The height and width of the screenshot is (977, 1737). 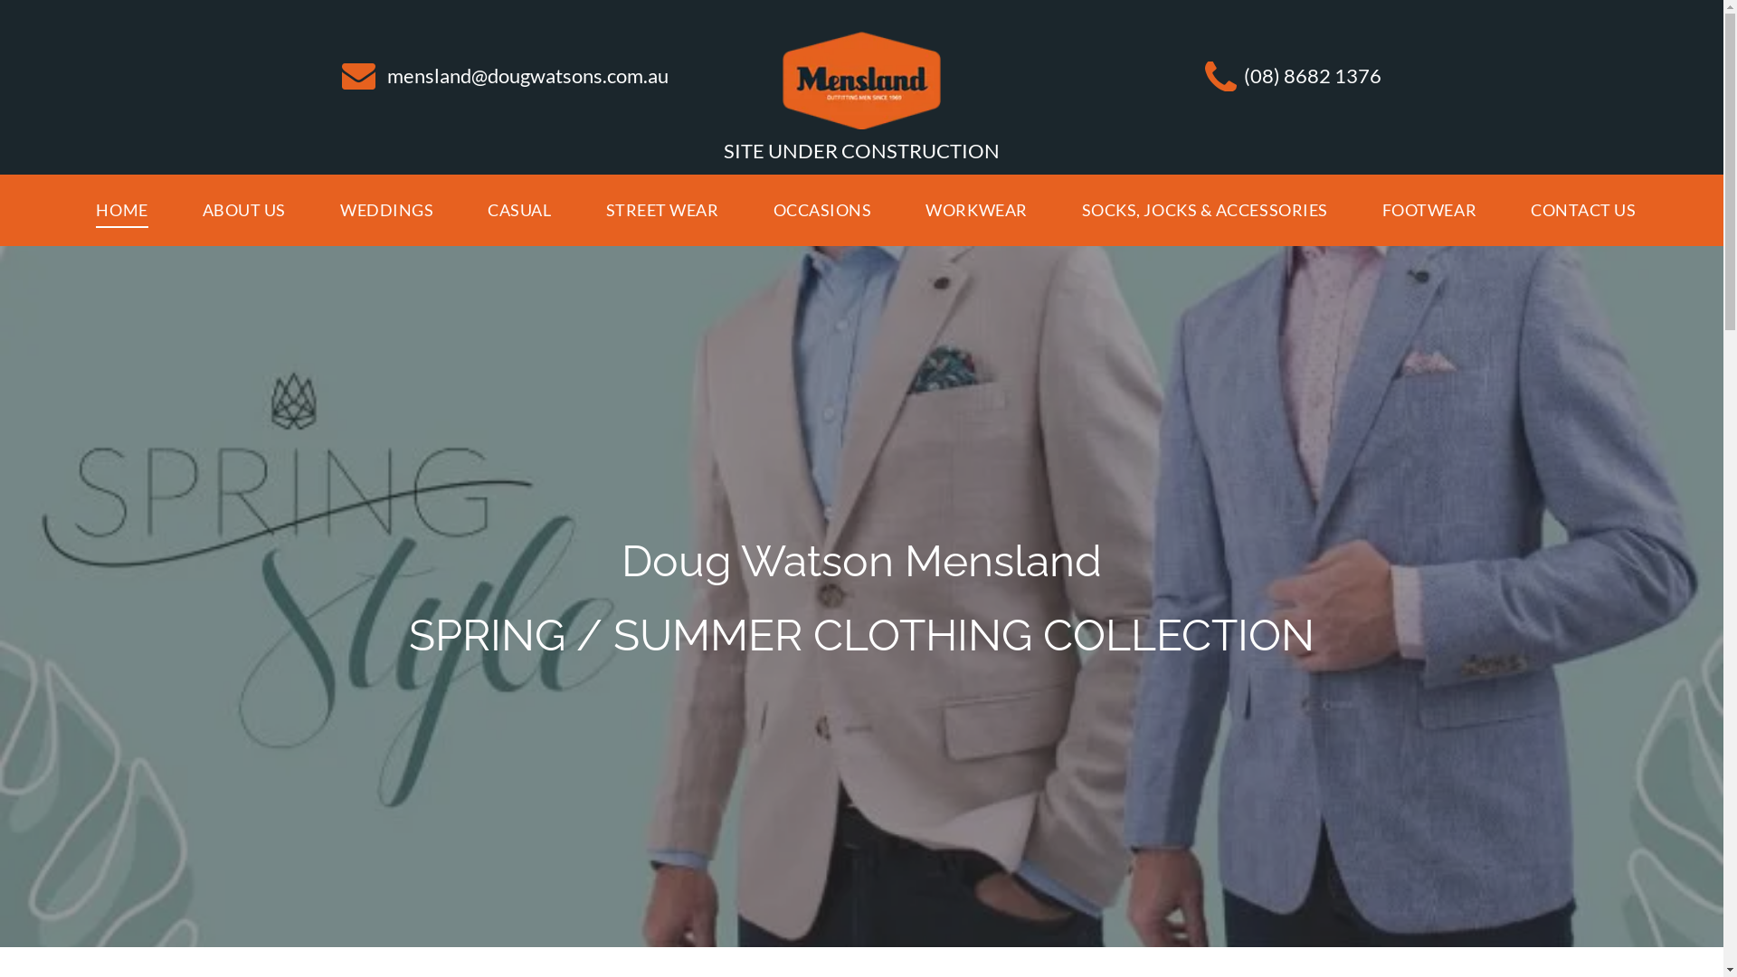 I want to click on 'CONTACT US', so click(x=1503, y=209).